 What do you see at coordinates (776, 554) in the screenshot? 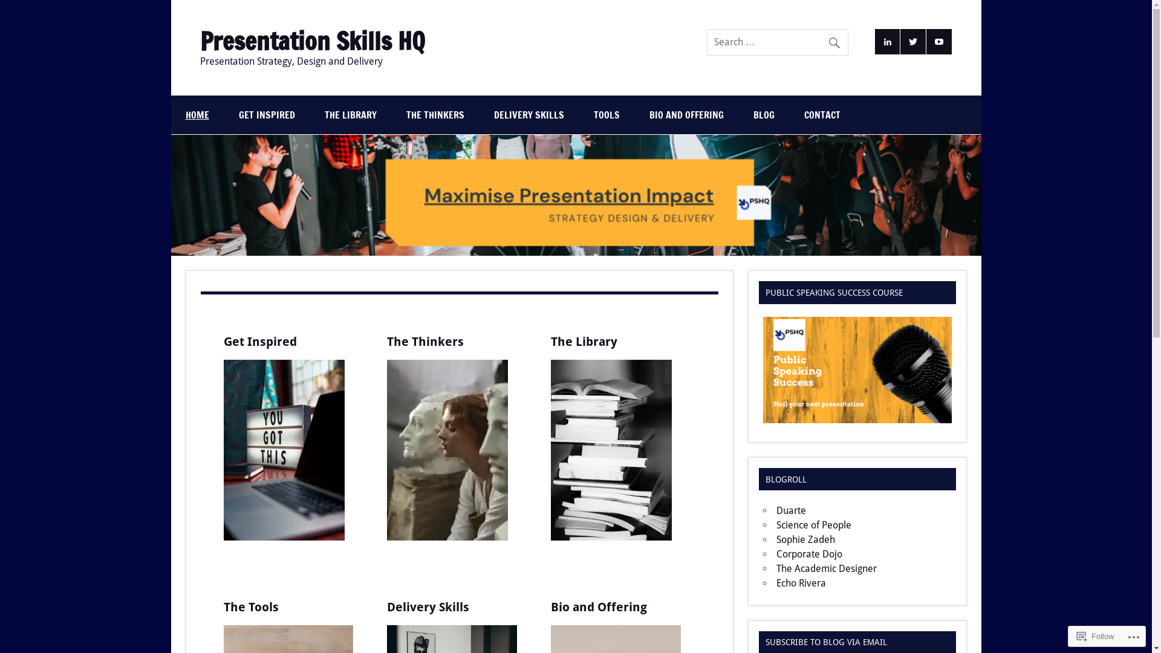
I see `'Corporate Dojo'` at bounding box center [776, 554].